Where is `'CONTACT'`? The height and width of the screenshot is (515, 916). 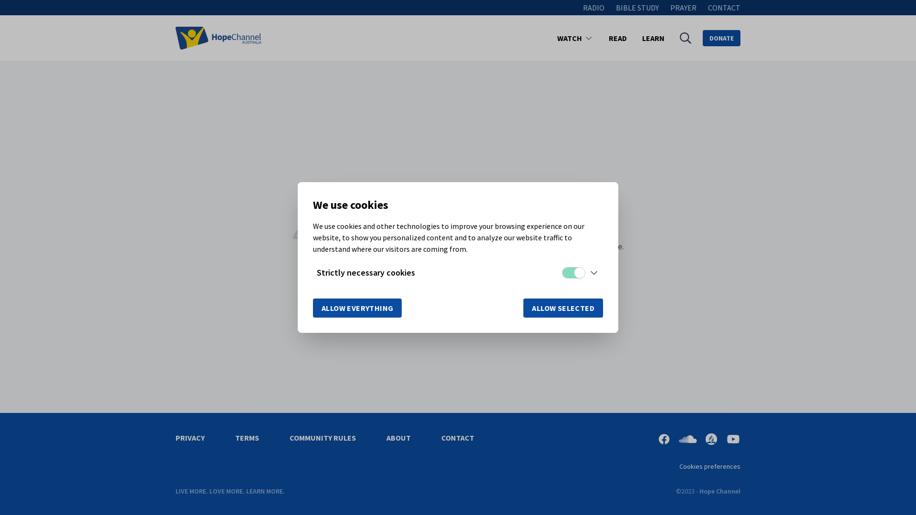 'CONTACT' is located at coordinates (457, 438).